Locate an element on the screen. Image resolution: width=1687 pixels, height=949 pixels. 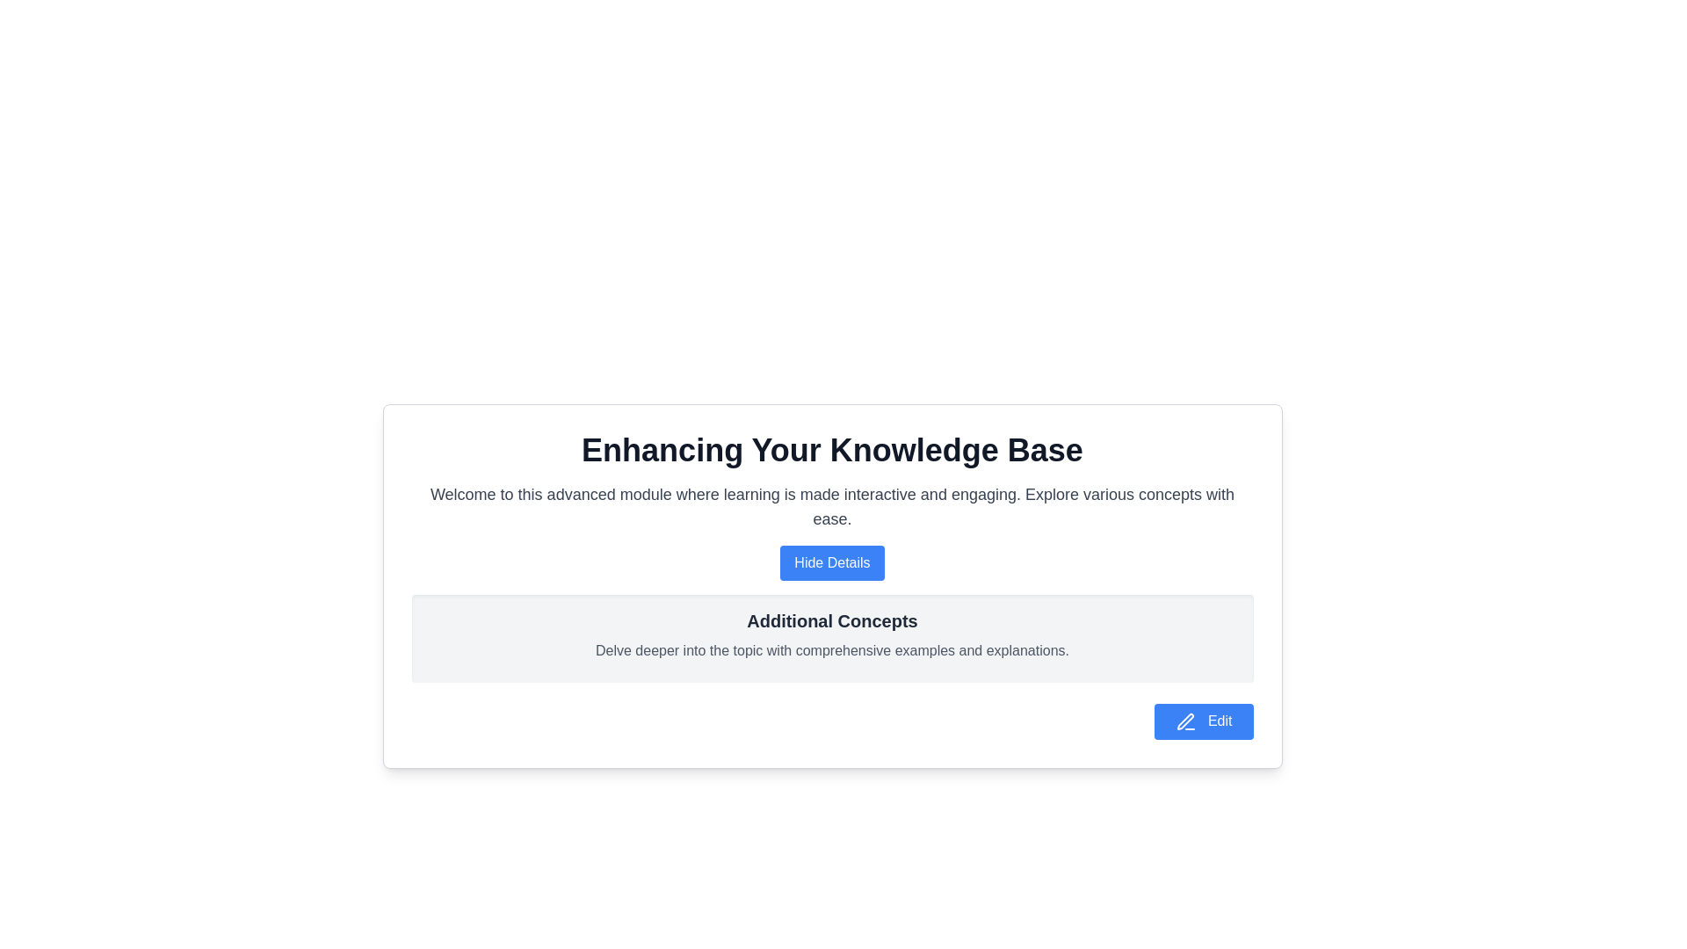
the minimalist outline pen icon located on the right side of the blue 'Edit' button at the bottom-right corner of the card interface is located at coordinates (1186, 721).